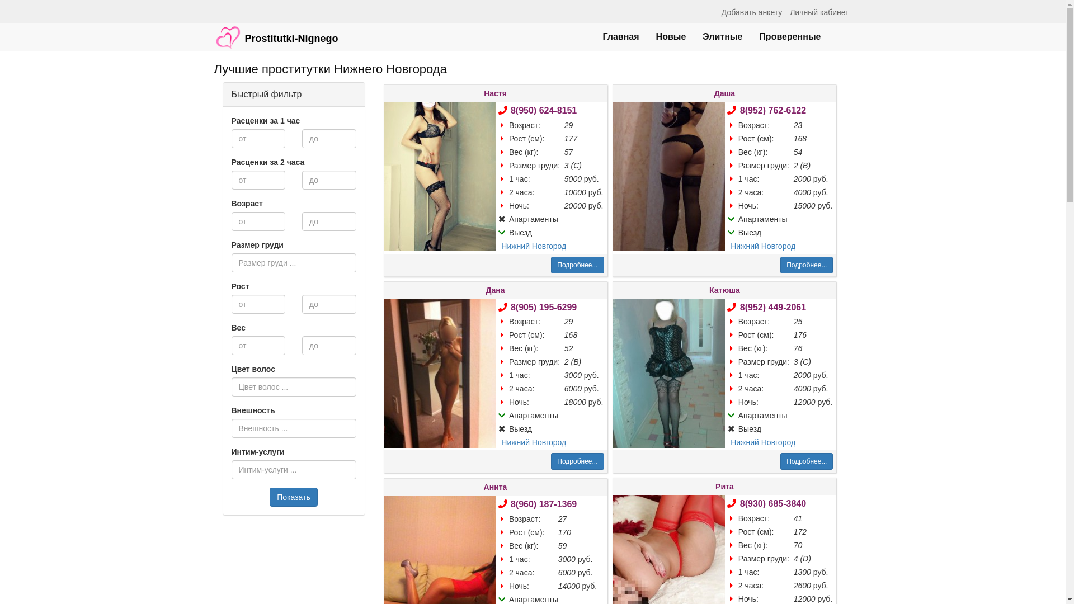 This screenshot has width=1074, height=604. Describe the element at coordinates (276, 31) in the screenshot. I see `'Prostitutki-Nignego'` at that location.